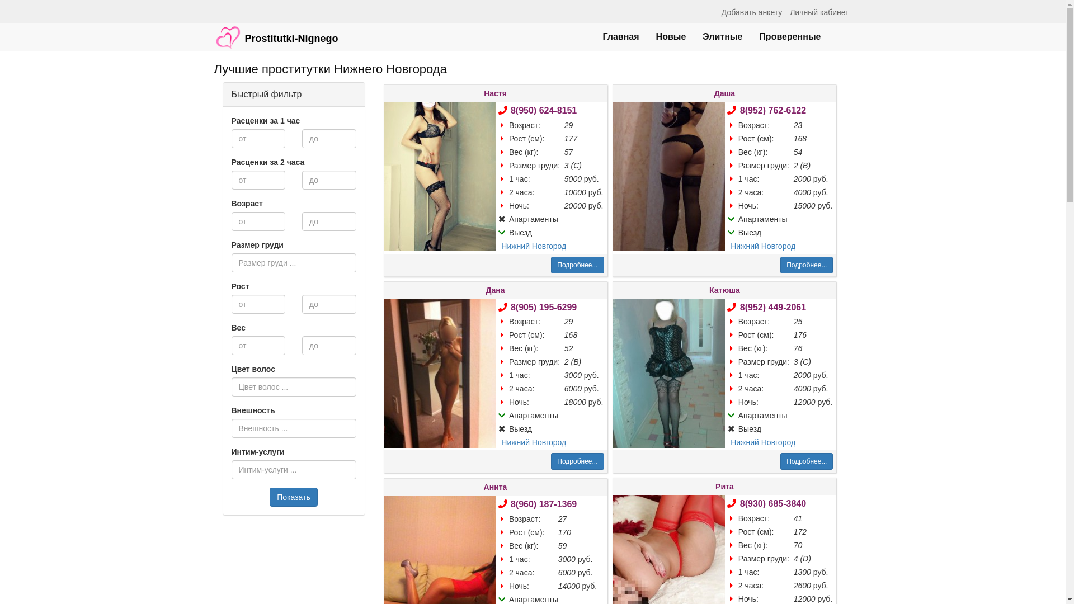 This screenshot has width=1074, height=604. Describe the element at coordinates (276, 31) in the screenshot. I see `'Prostitutki-Nignego'` at that location.